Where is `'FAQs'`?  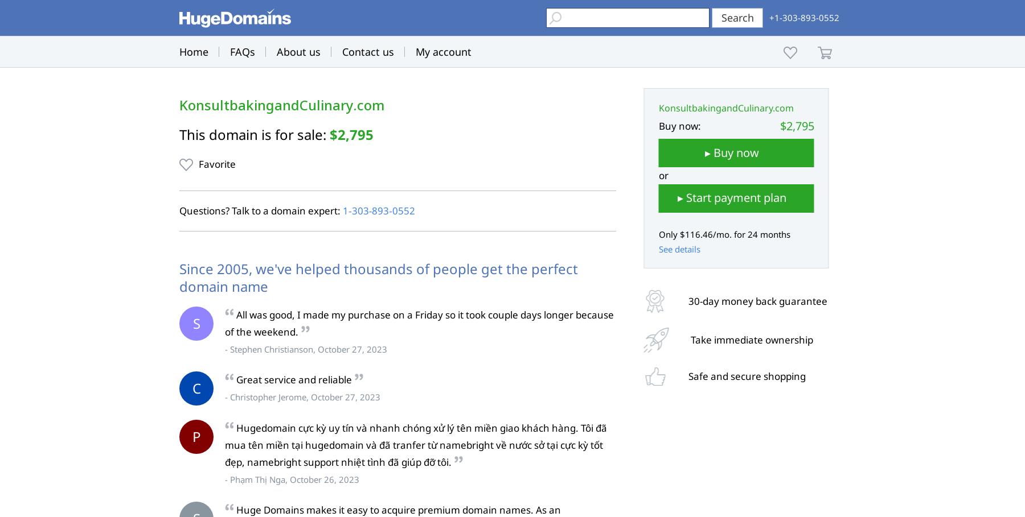
'FAQs' is located at coordinates (243, 51).